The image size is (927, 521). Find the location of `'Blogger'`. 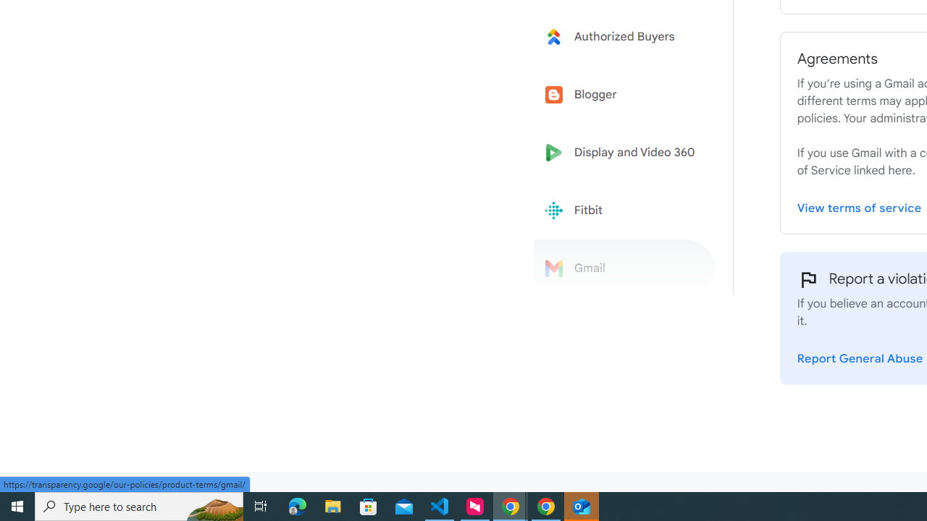

'Blogger' is located at coordinates (624, 95).